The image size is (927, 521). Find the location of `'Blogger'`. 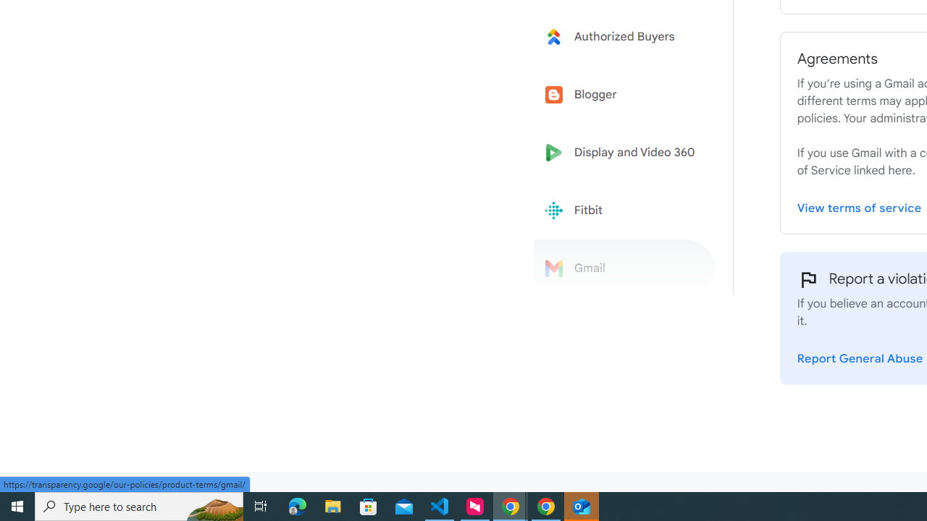

'Blogger' is located at coordinates (624, 95).